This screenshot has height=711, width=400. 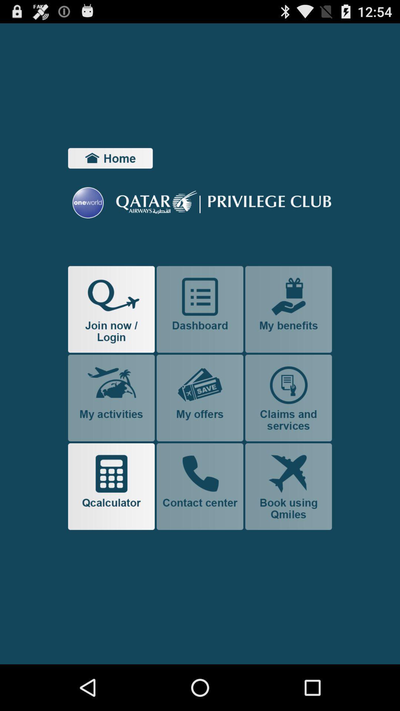 What do you see at coordinates (288, 397) in the screenshot?
I see `claim and service` at bounding box center [288, 397].